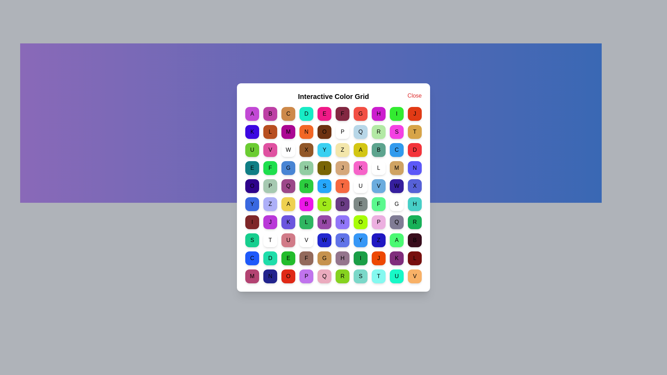 The image size is (667, 375). What do you see at coordinates (342, 150) in the screenshot?
I see `the grid cell labeled Z to view its color message` at bounding box center [342, 150].